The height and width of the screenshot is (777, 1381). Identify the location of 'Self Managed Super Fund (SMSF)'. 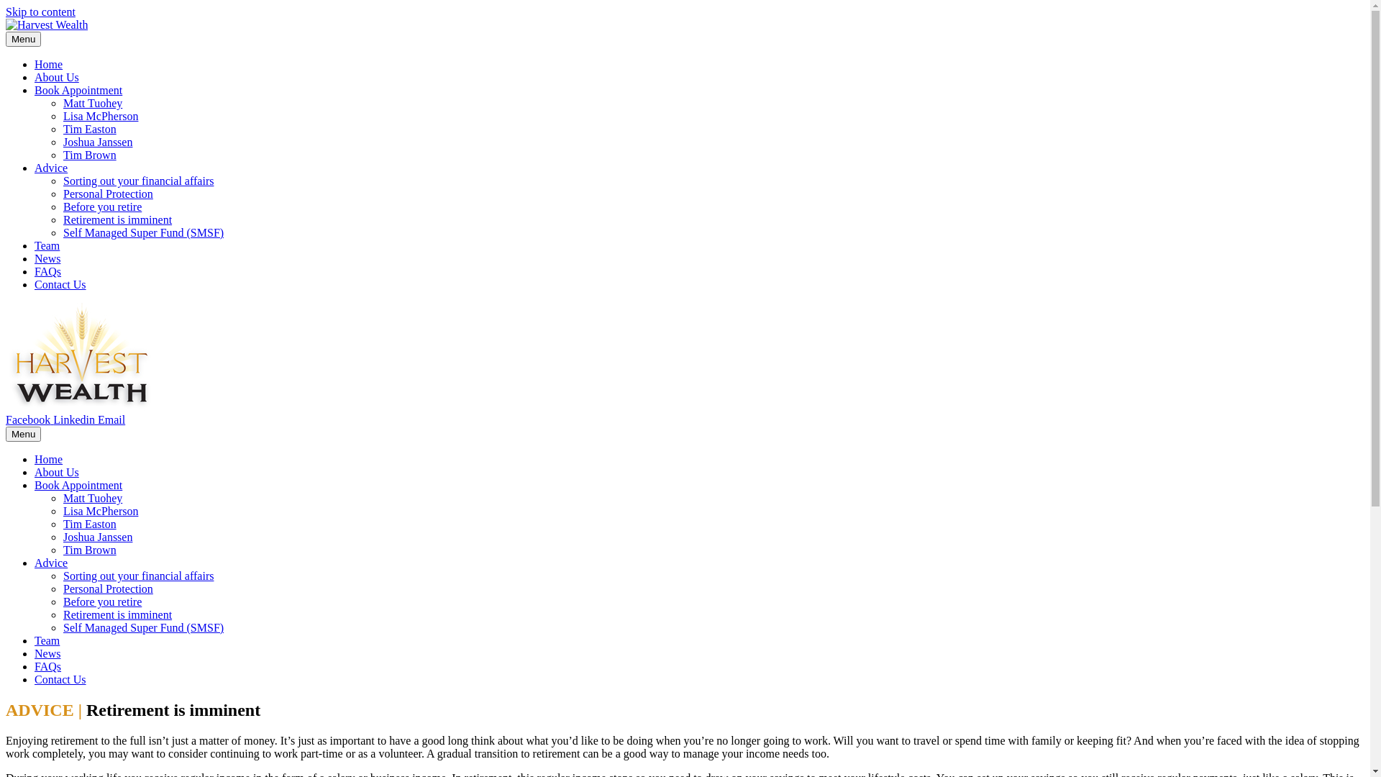
(143, 627).